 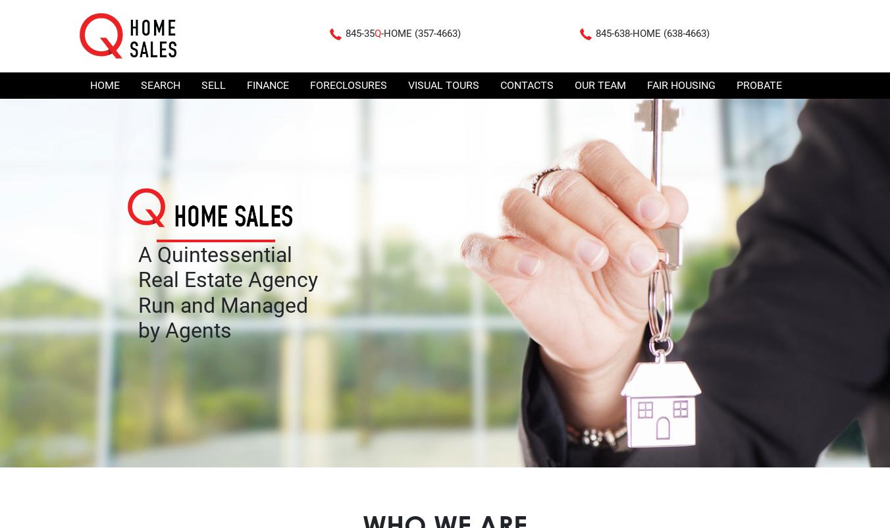 I want to click on 'Real Estate Agency', so click(x=137, y=279).